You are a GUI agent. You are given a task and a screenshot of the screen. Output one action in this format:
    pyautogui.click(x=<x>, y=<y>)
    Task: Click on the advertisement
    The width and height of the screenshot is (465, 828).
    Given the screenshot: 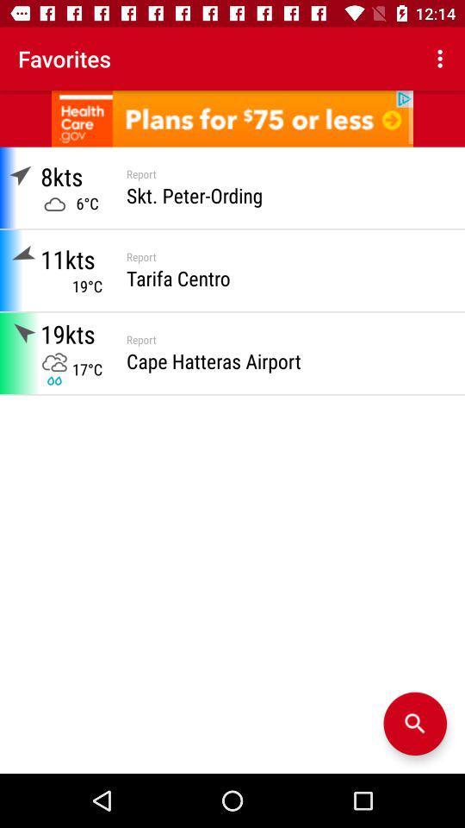 What is the action you would take?
    pyautogui.click(x=232, y=117)
    